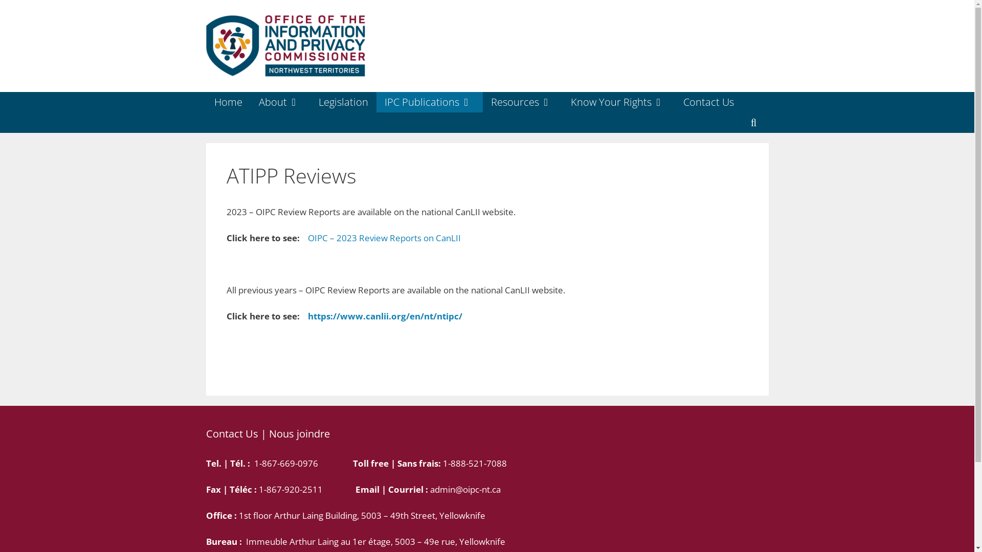  Describe the element at coordinates (205, 102) in the screenshot. I see `'Home'` at that location.